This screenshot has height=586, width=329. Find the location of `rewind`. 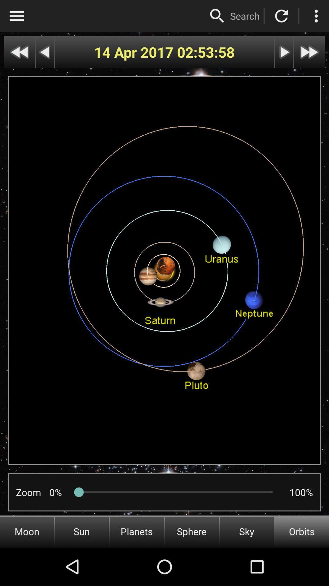

rewind is located at coordinates (44, 52).